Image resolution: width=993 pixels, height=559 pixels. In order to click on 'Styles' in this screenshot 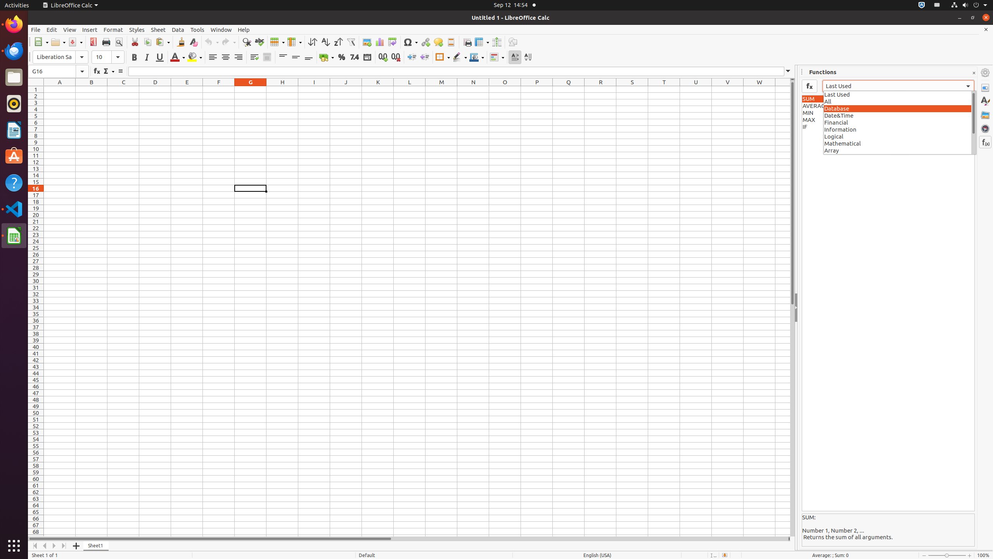, I will do `click(137, 30)`.